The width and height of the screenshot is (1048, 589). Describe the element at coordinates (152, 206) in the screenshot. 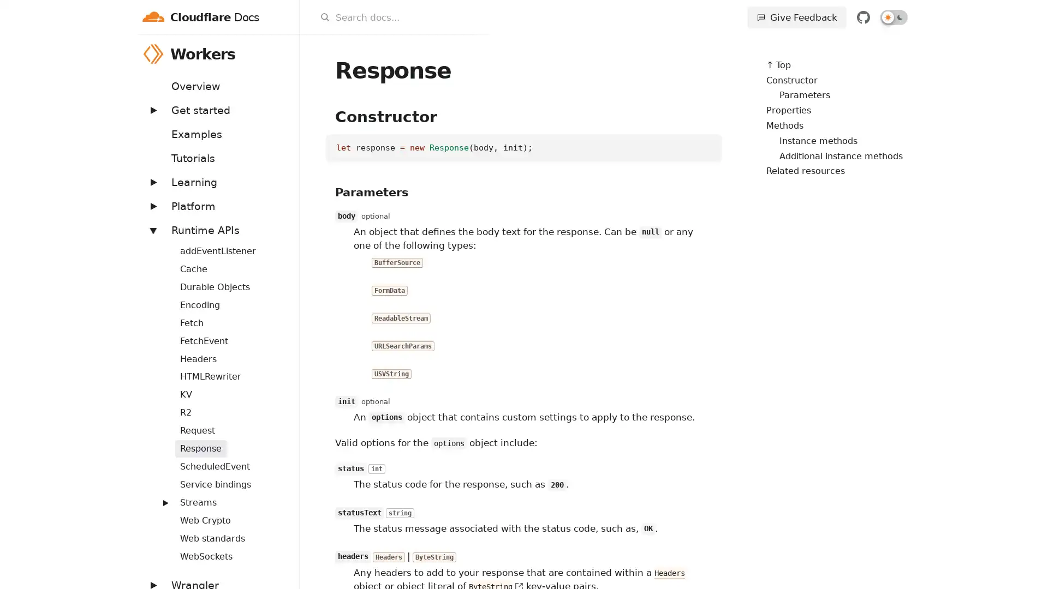

I see `Expand: Platform` at that location.